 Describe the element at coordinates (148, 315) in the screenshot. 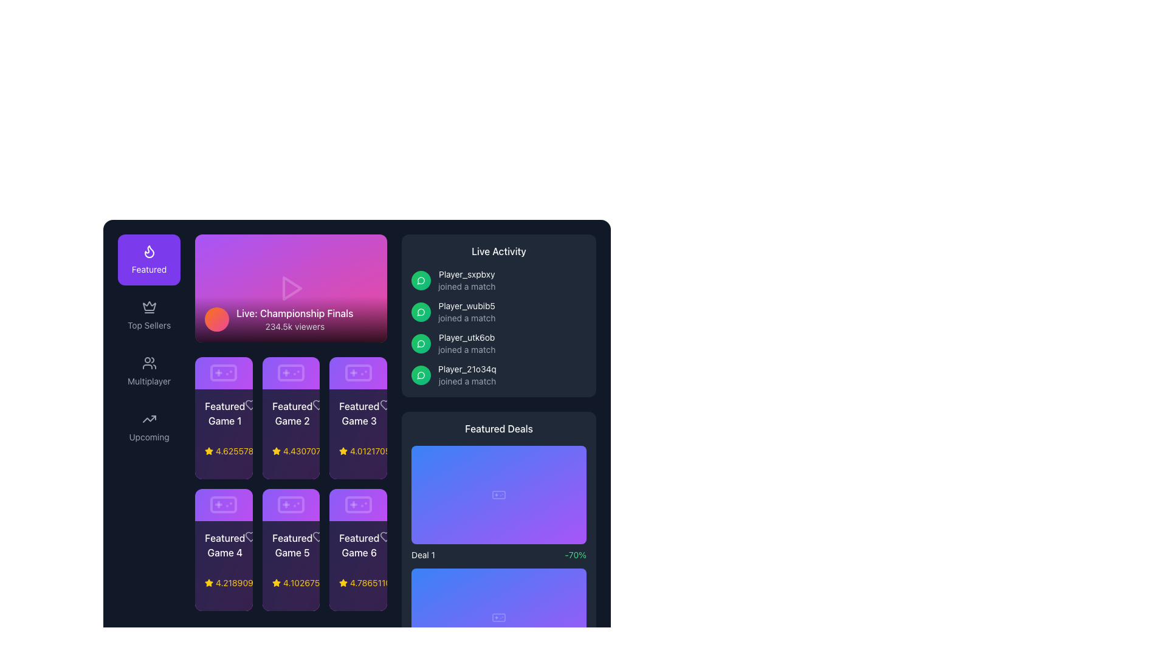

I see `the 'Top Sellers' button, which is a rectangular button with a dark background and a crown icon` at that location.